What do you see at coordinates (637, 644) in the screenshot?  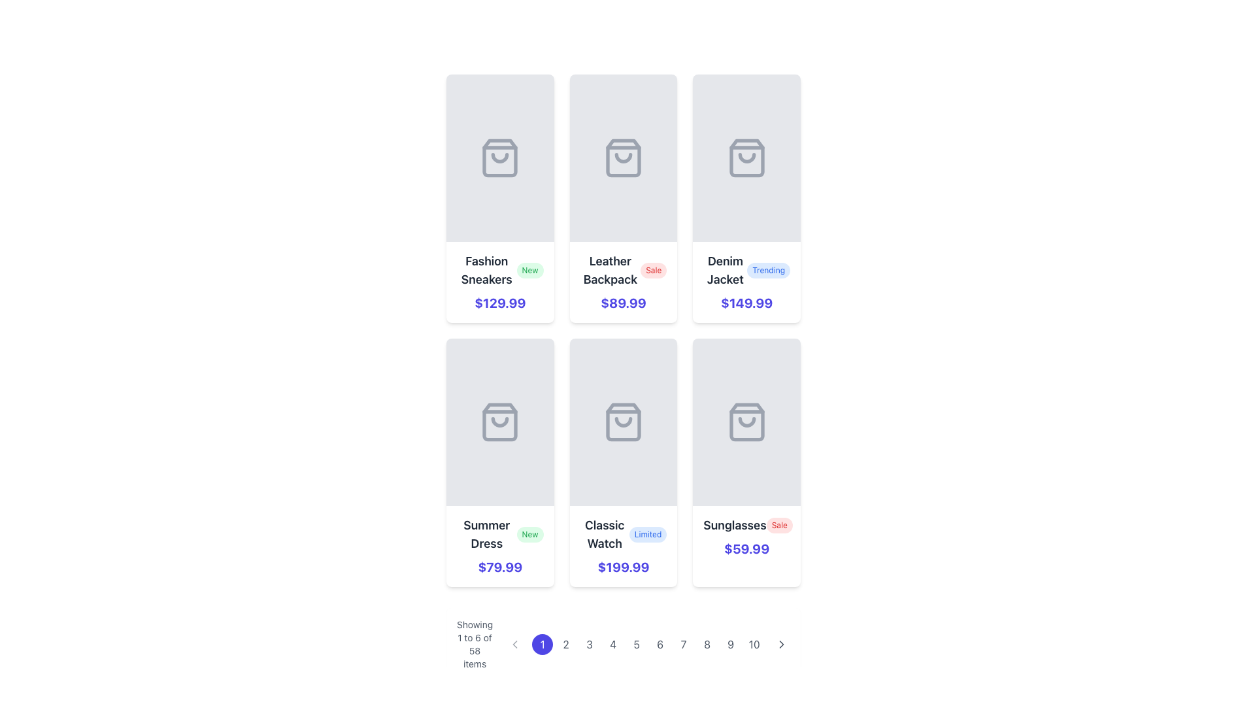 I see `the button located in the pagination section that represents the fifth page, positioned between buttons '4' and '6'` at bounding box center [637, 644].